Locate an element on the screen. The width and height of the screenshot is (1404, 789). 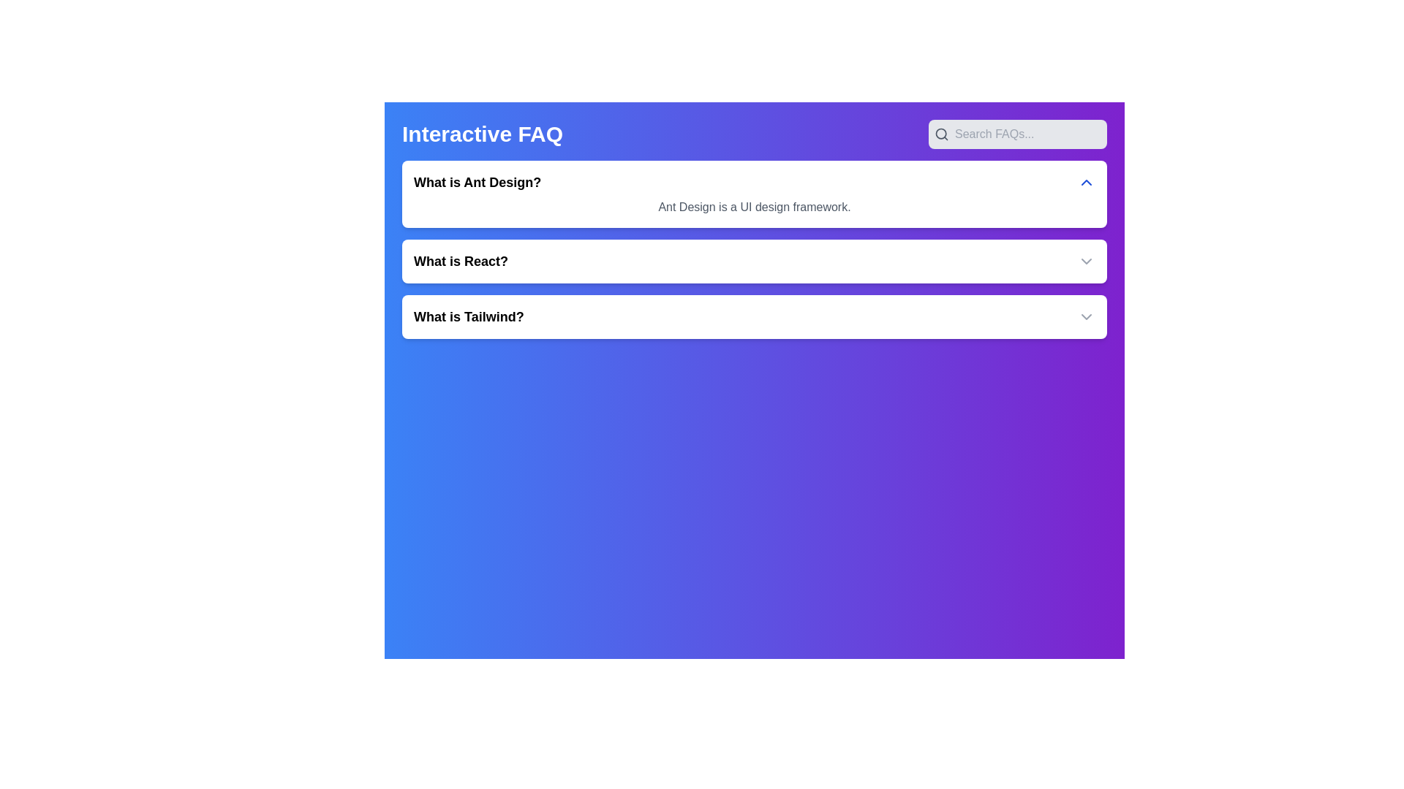
the Expandable FAQ Header titled 'What is React?' for keyboard interaction is located at coordinates (755, 261).